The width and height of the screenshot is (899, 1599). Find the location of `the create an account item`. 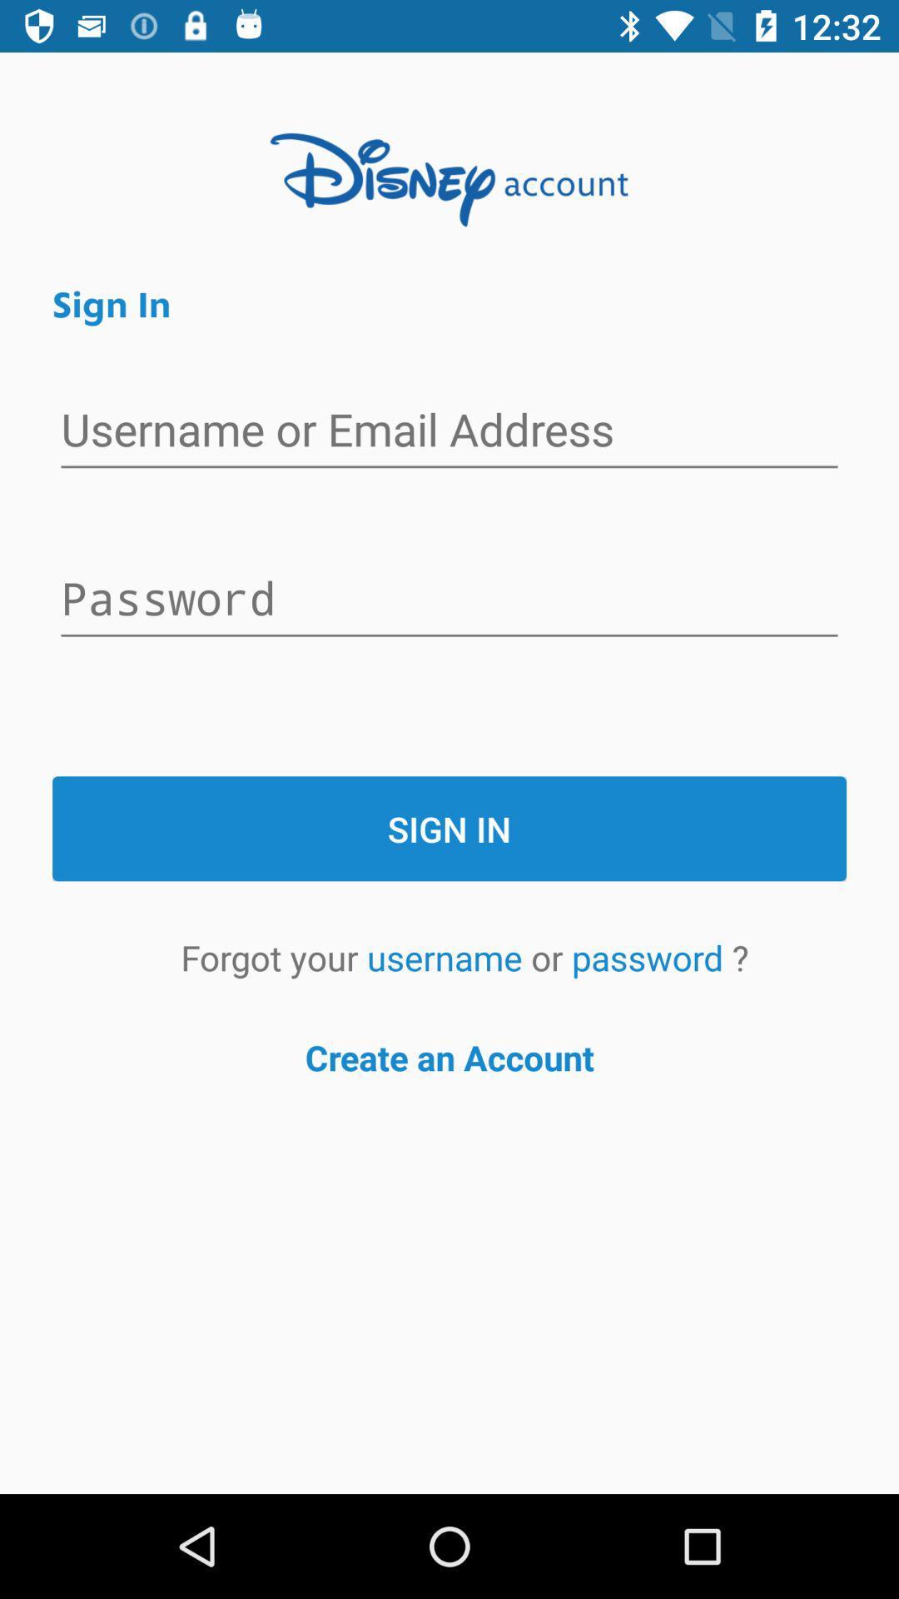

the create an account item is located at coordinates (449, 1056).